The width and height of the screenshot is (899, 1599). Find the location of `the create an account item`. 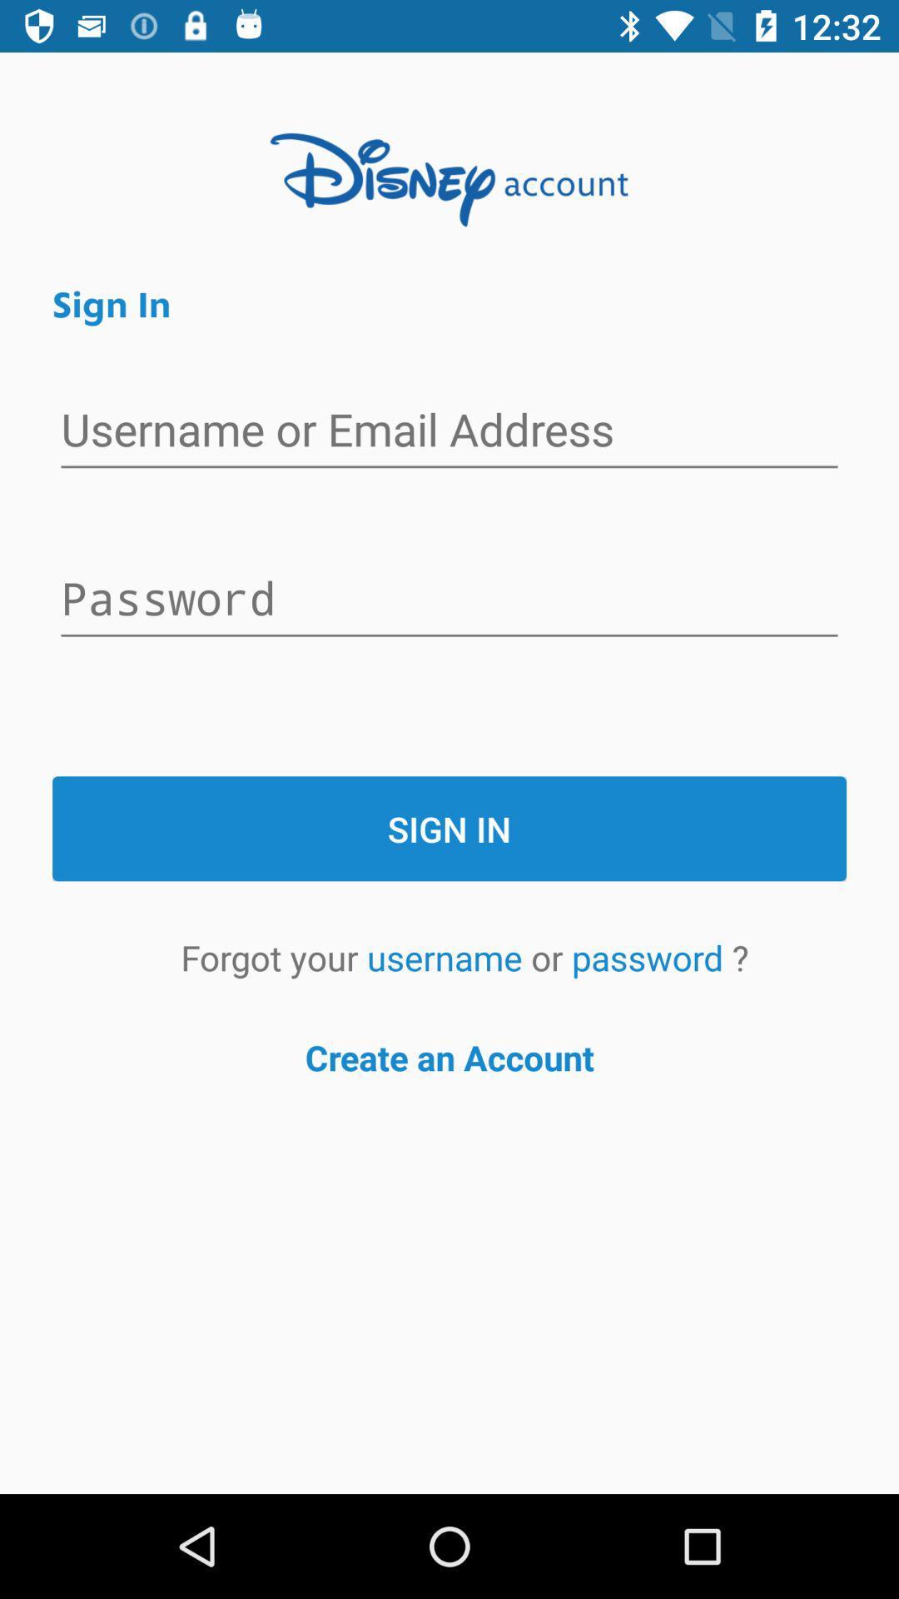

the create an account item is located at coordinates (449, 1056).